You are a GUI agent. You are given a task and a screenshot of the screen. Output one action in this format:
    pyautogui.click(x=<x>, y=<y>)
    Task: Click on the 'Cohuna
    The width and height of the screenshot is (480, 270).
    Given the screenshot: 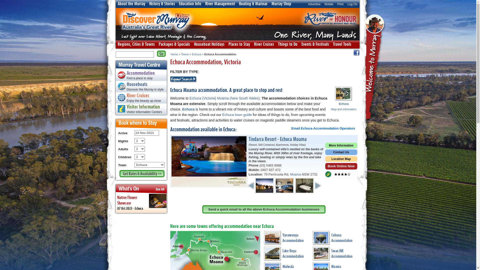 What is the action you would take?
    pyautogui.click(x=335, y=238)
    